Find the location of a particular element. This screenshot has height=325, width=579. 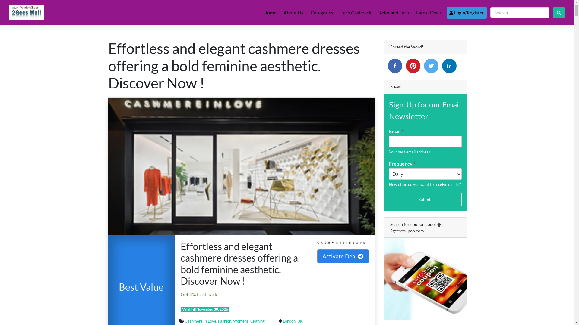

'London' is located at coordinates (289, 321).